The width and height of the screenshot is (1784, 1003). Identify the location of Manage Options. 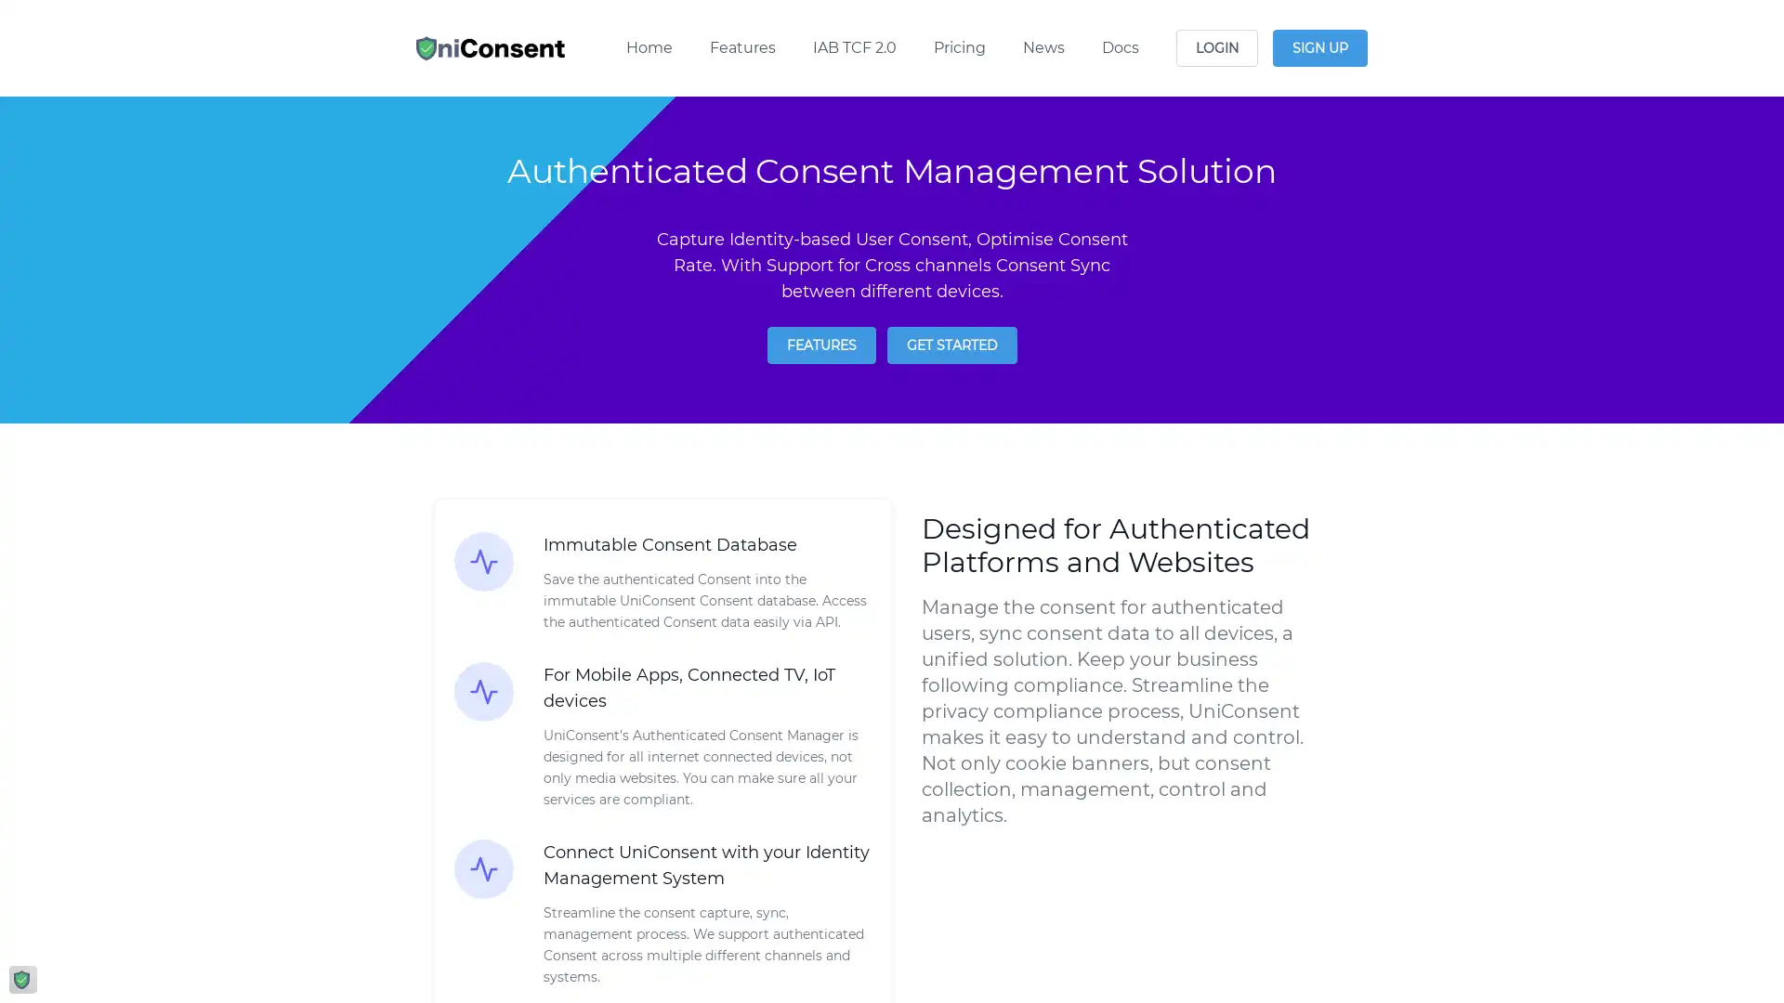
(109, 969).